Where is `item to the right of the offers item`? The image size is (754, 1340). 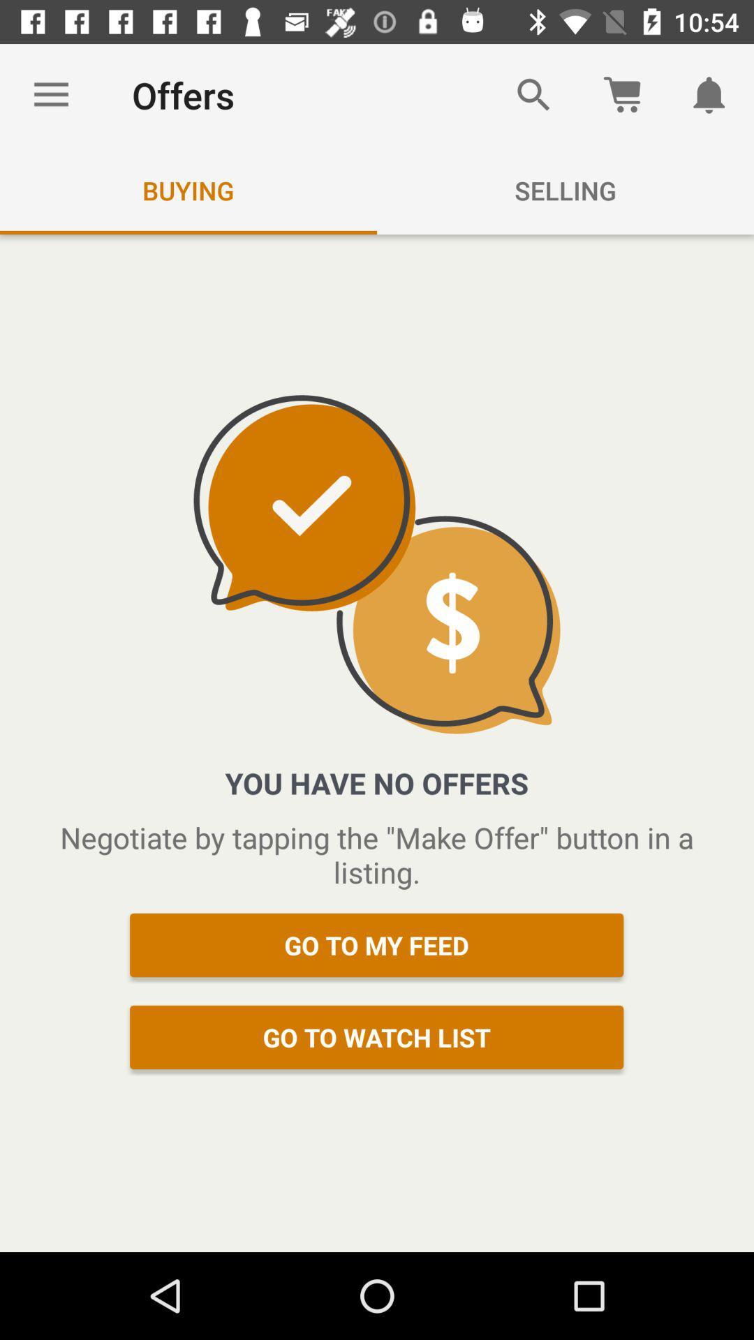
item to the right of the offers item is located at coordinates (533, 94).